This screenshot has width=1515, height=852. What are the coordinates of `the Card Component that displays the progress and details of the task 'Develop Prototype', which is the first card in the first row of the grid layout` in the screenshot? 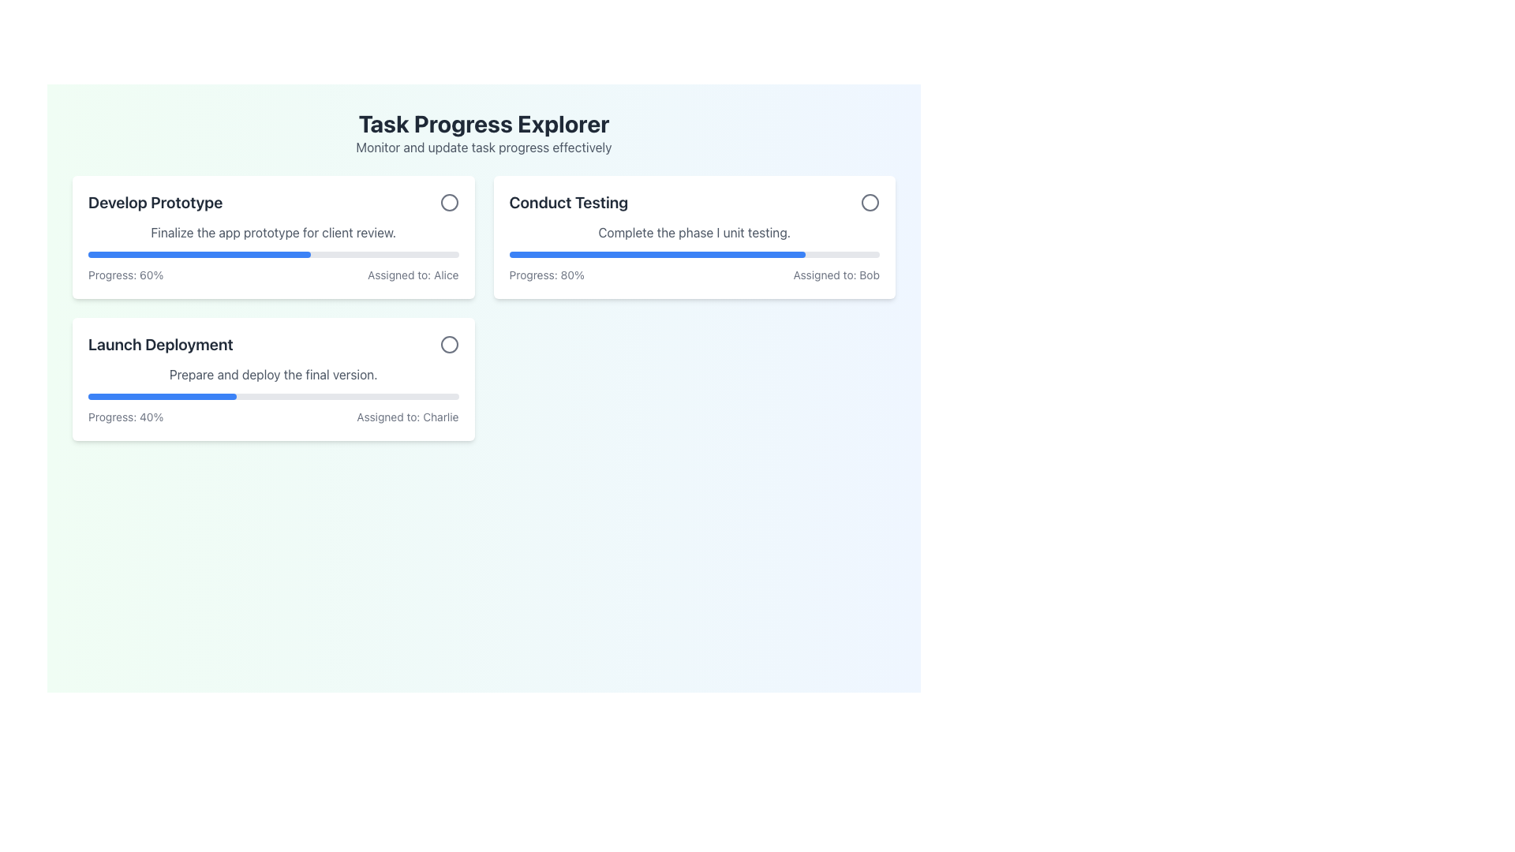 It's located at (273, 237).